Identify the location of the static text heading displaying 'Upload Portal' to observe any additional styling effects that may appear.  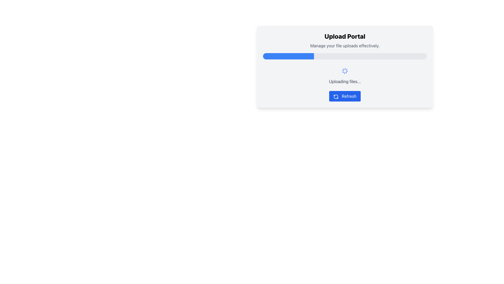
(345, 36).